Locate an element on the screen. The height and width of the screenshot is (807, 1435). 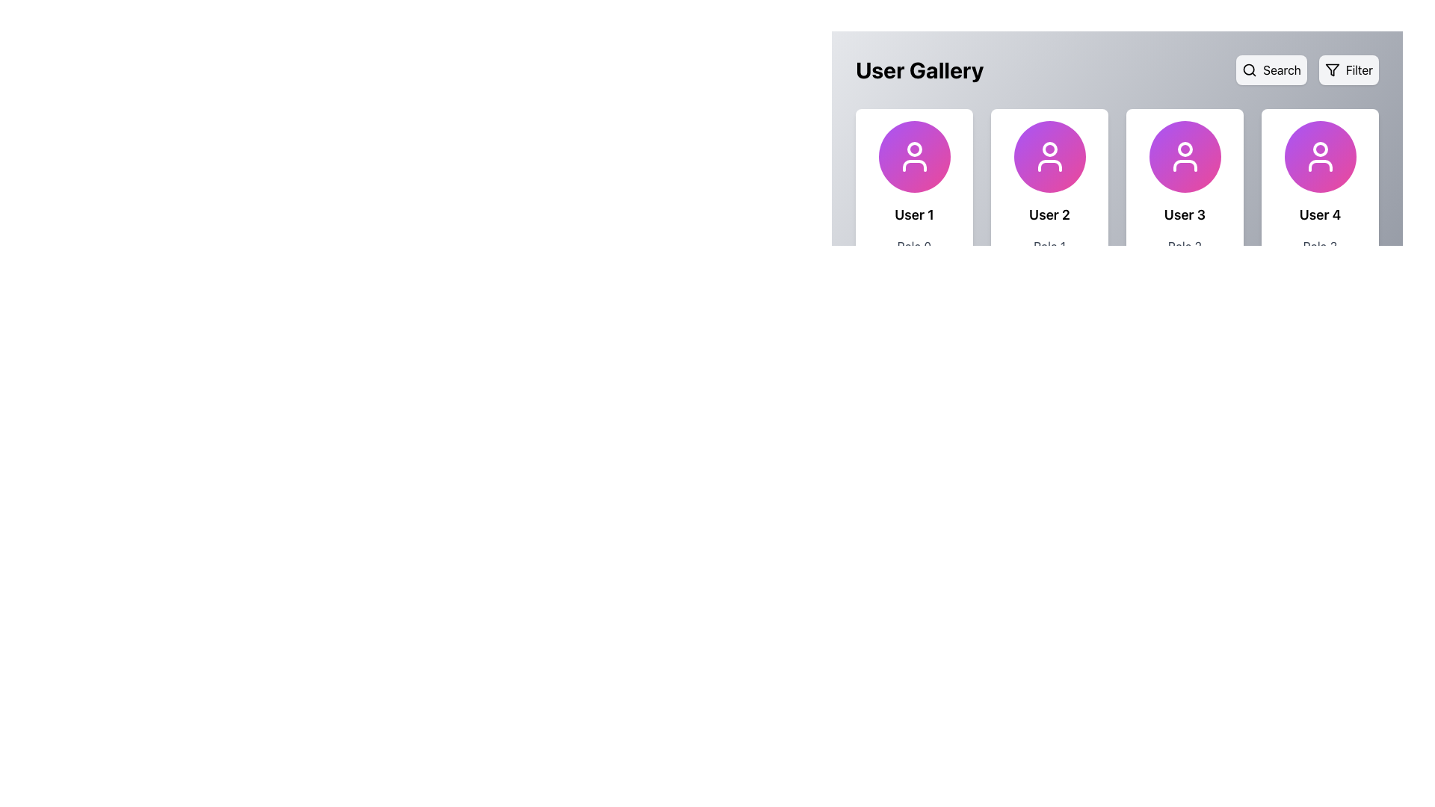
the user profile icon in the third card of the 'User Gallery' section is located at coordinates (1184, 156).